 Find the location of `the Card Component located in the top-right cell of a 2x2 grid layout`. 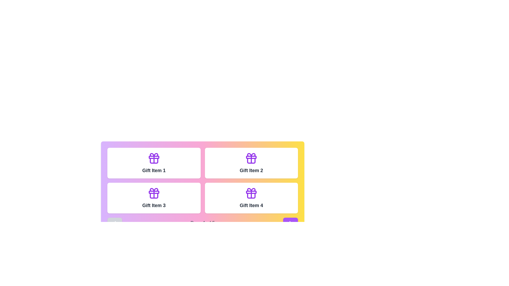

the Card Component located in the top-right cell of a 2x2 grid layout is located at coordinates (251, 163).